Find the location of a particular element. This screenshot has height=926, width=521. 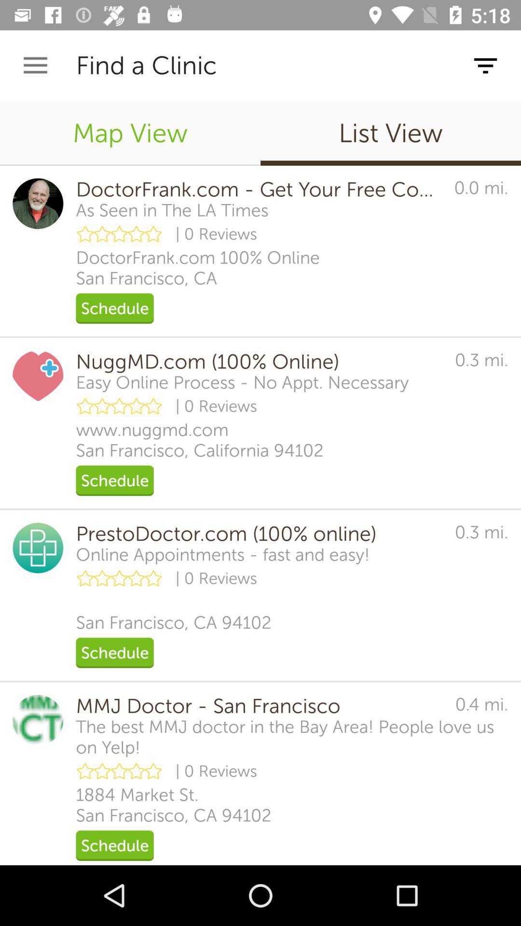

the item above online appointments fast icon is located at coordinates (258, 533).